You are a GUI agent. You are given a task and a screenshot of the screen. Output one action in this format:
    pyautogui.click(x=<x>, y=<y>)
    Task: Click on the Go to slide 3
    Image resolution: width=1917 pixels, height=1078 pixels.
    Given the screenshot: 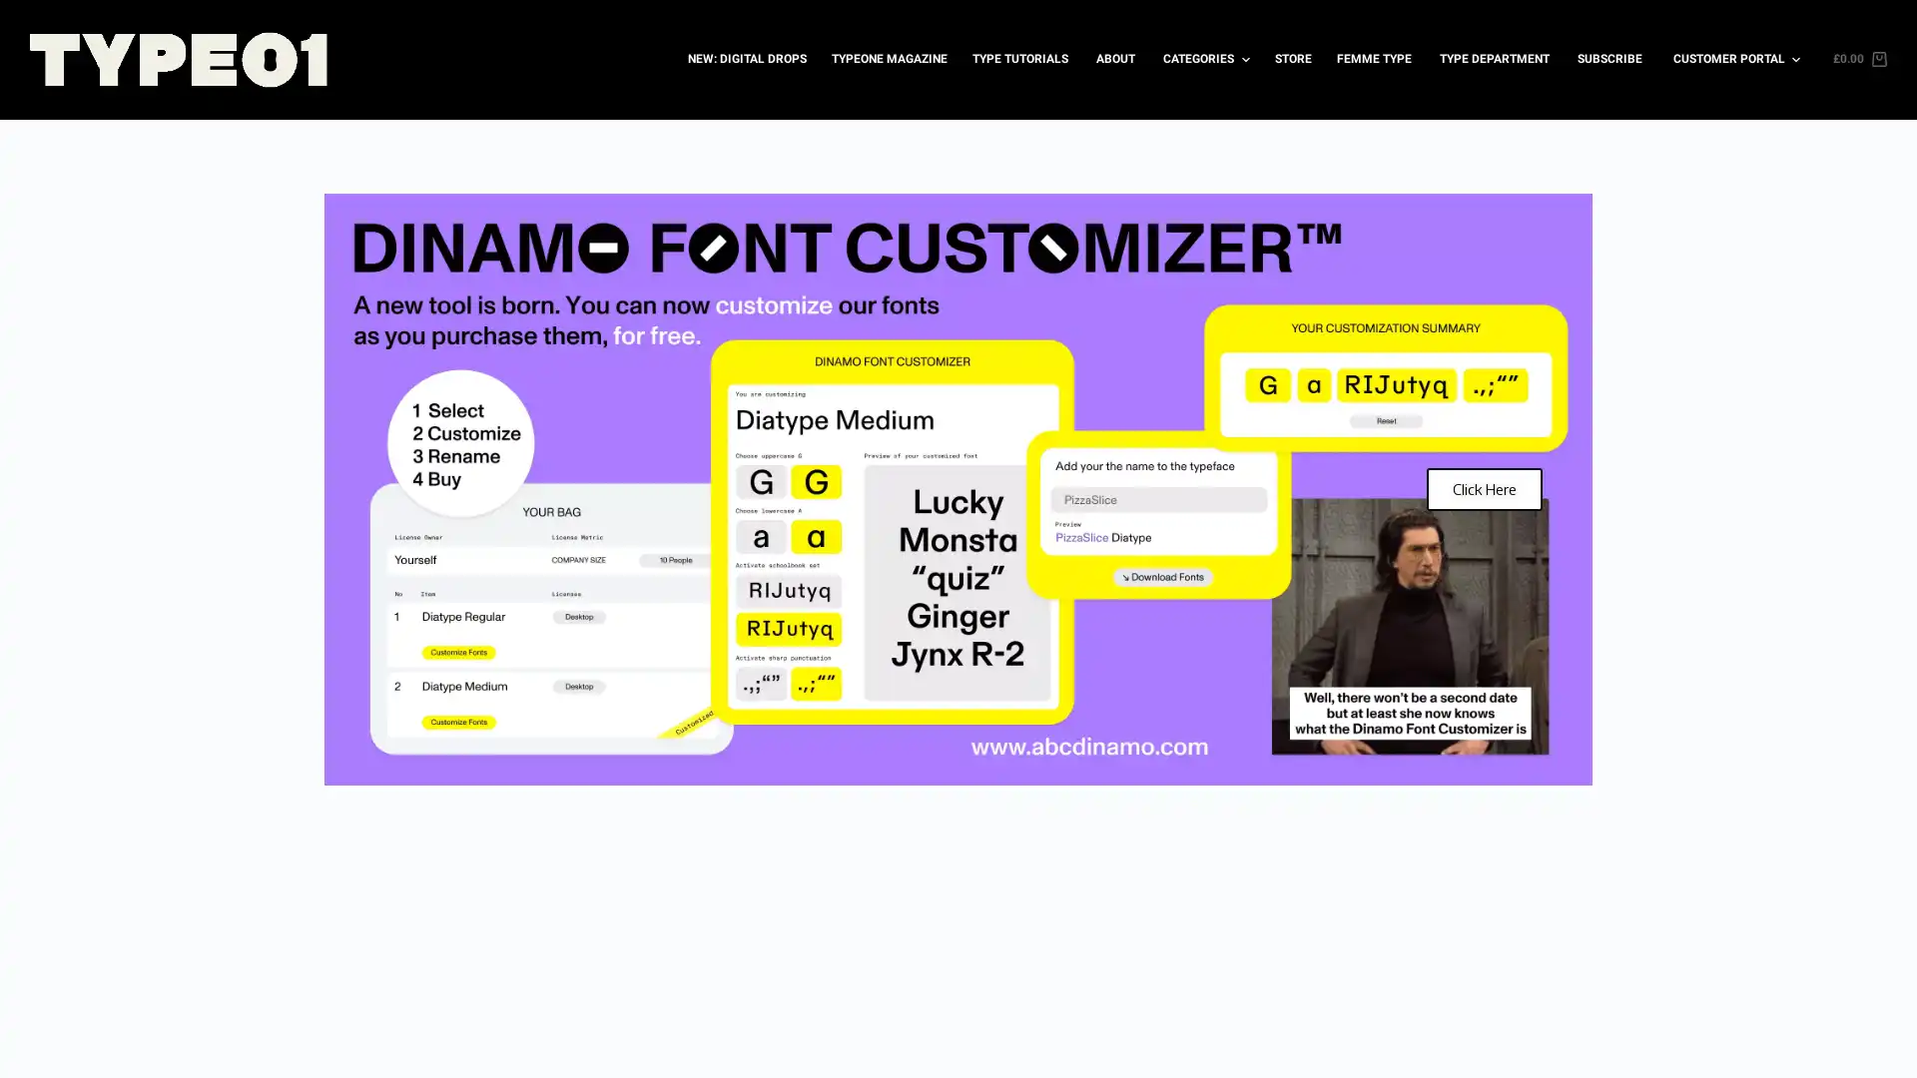 What is the action you would take?
    pyautogui.click(x=967, y=770)
    